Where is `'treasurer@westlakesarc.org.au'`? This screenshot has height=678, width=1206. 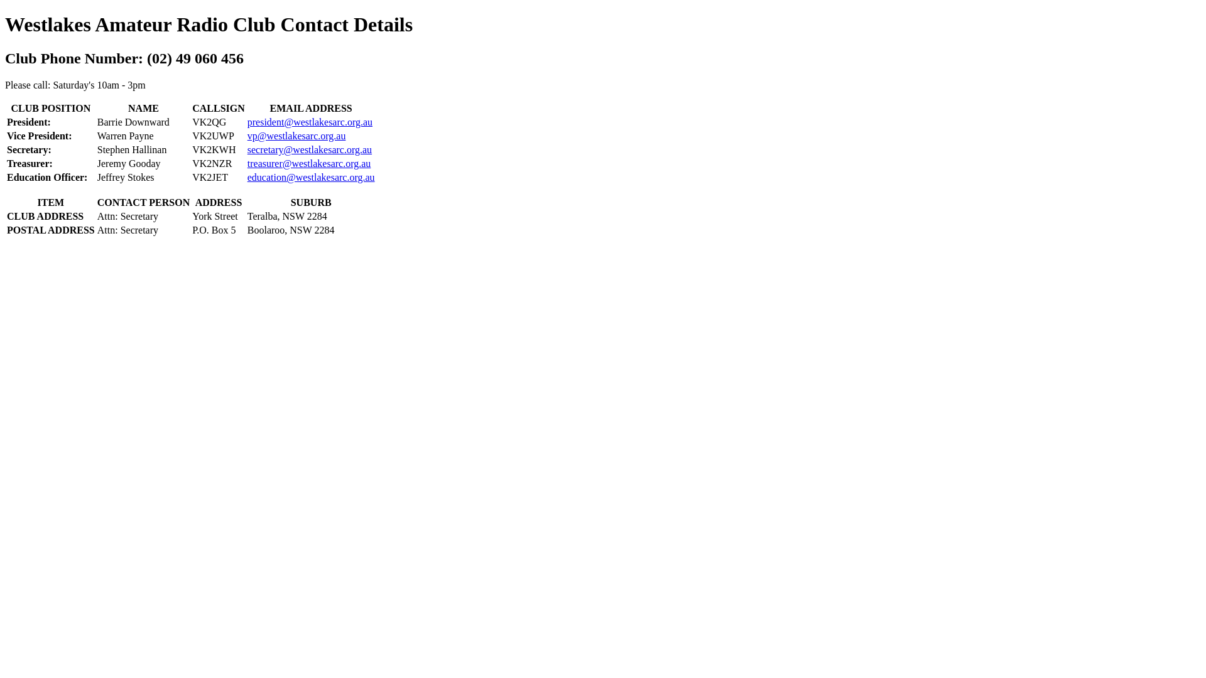 'treasurer@westlakesarc.org.au' is located at coordinates (309, 163).